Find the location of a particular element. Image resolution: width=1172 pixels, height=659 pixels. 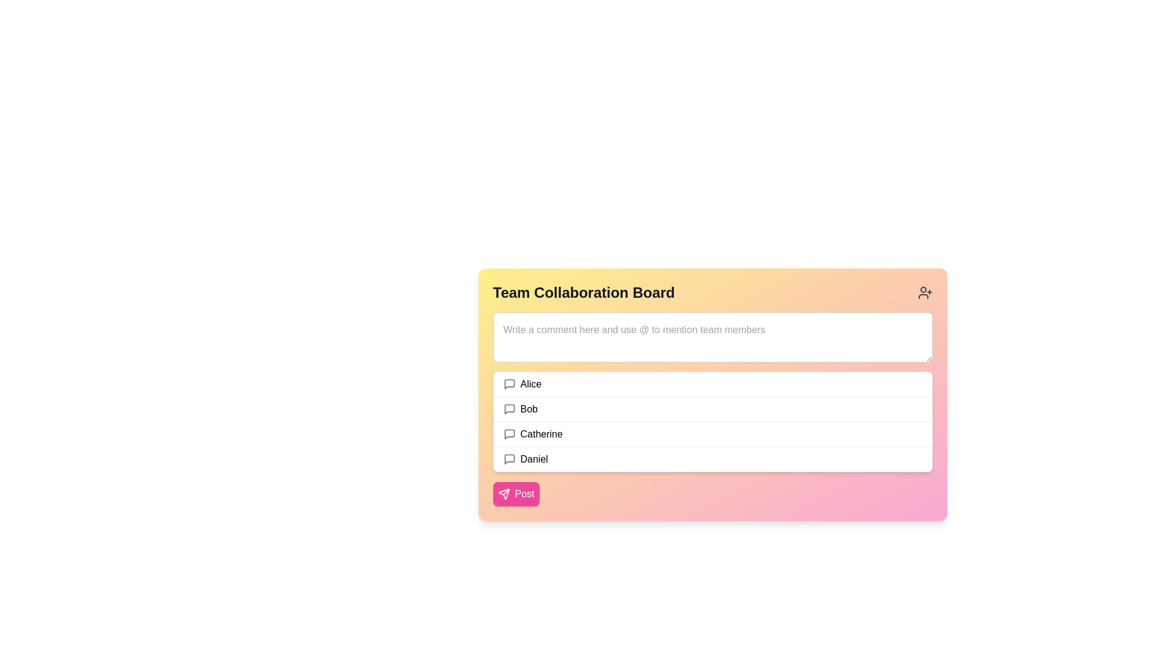

the speech bubble icon located next to the user entry labeled 'Alice' to interact with the messaging functionality it represents is located at coordinates (509, 383).